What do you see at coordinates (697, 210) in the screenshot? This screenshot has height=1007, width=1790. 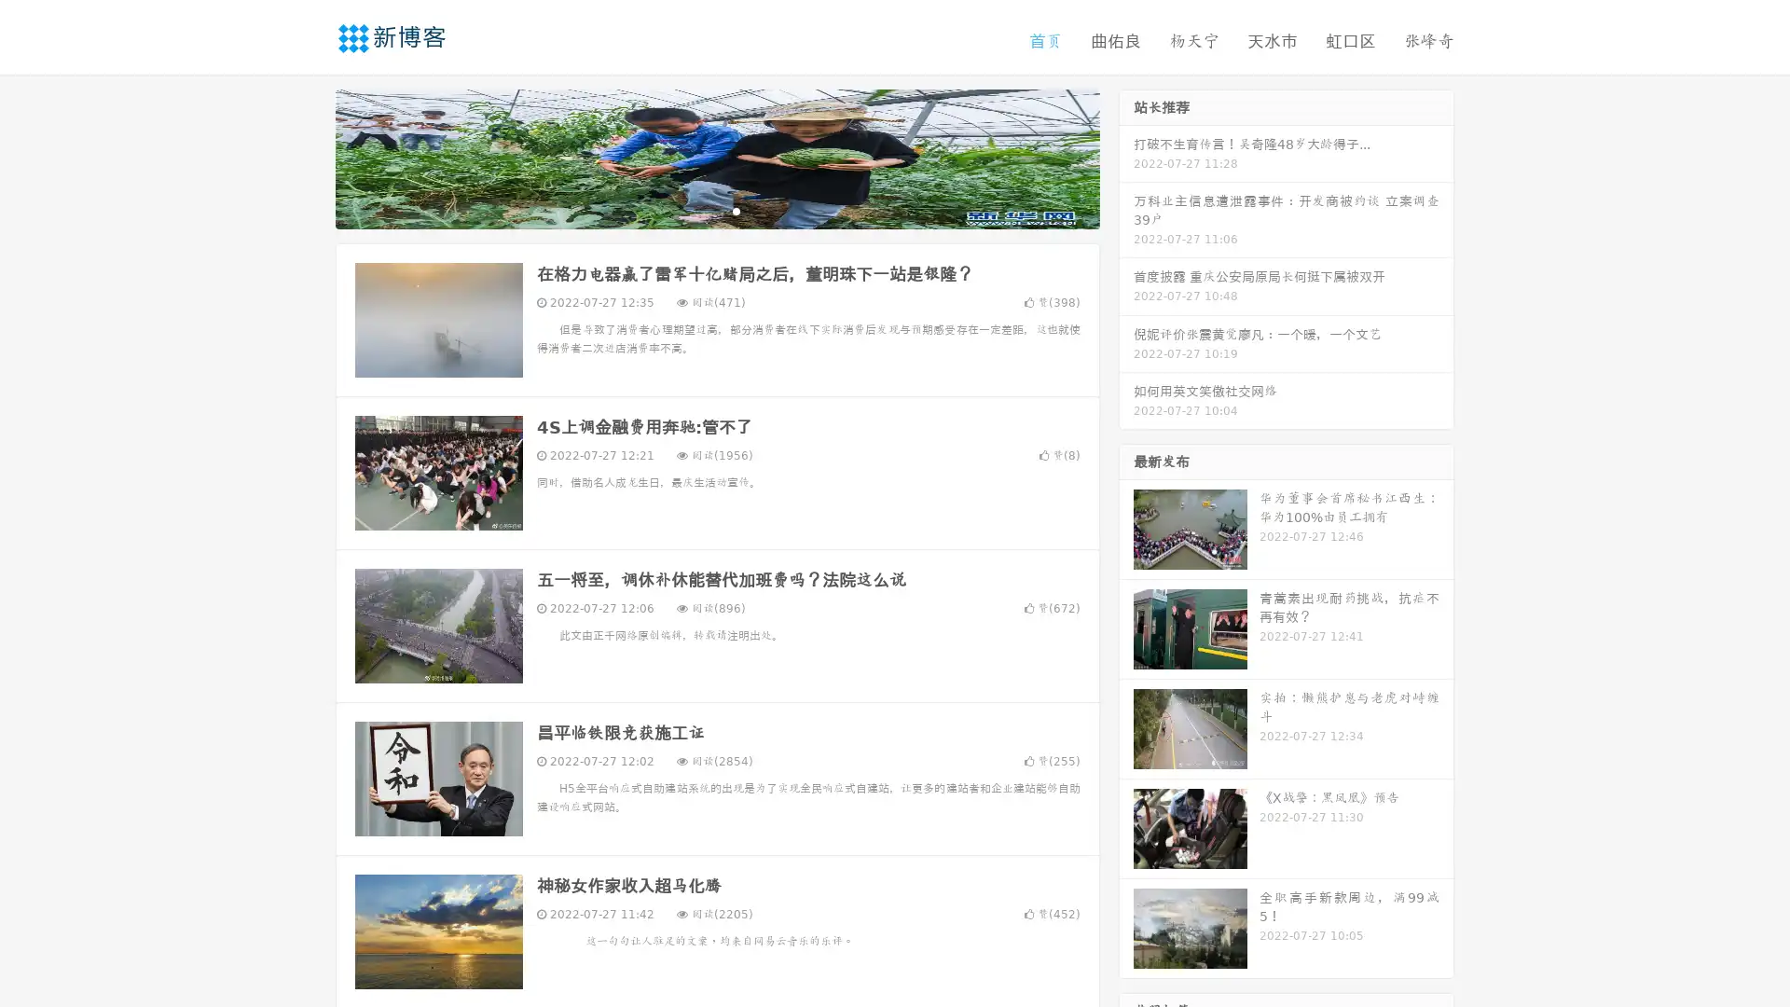 I see `Go to slide 1` at bounding box center [697, 210].